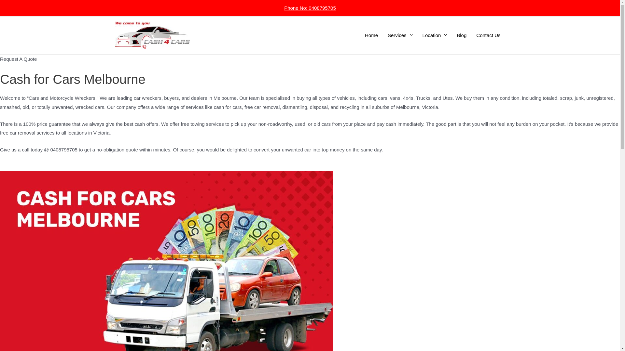  I want to click on 'Contact Us', so click(488, 35).